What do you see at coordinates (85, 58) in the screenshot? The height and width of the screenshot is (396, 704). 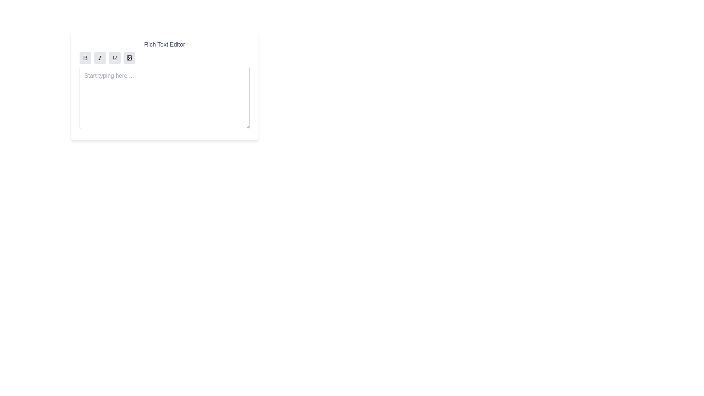 I see `the bold text styling icon located as the leftmost icon in the toolbar above the text area` at bounding box center [85, 58].